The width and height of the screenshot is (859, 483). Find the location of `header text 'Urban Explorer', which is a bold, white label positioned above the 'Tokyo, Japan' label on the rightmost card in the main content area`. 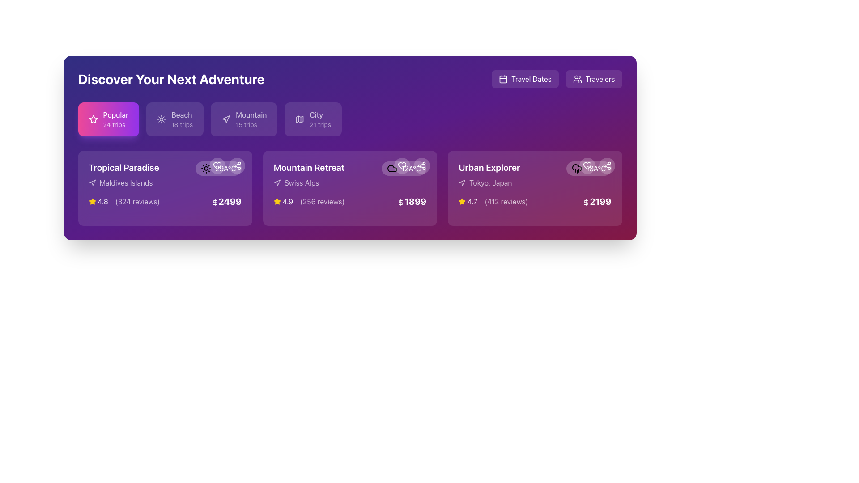

header text 'Urban Explorer', which is a bold, white label positioned above the 'Tokyo, Japan' label on the rightmost card in the main content area is located at coordinates (489, 167).